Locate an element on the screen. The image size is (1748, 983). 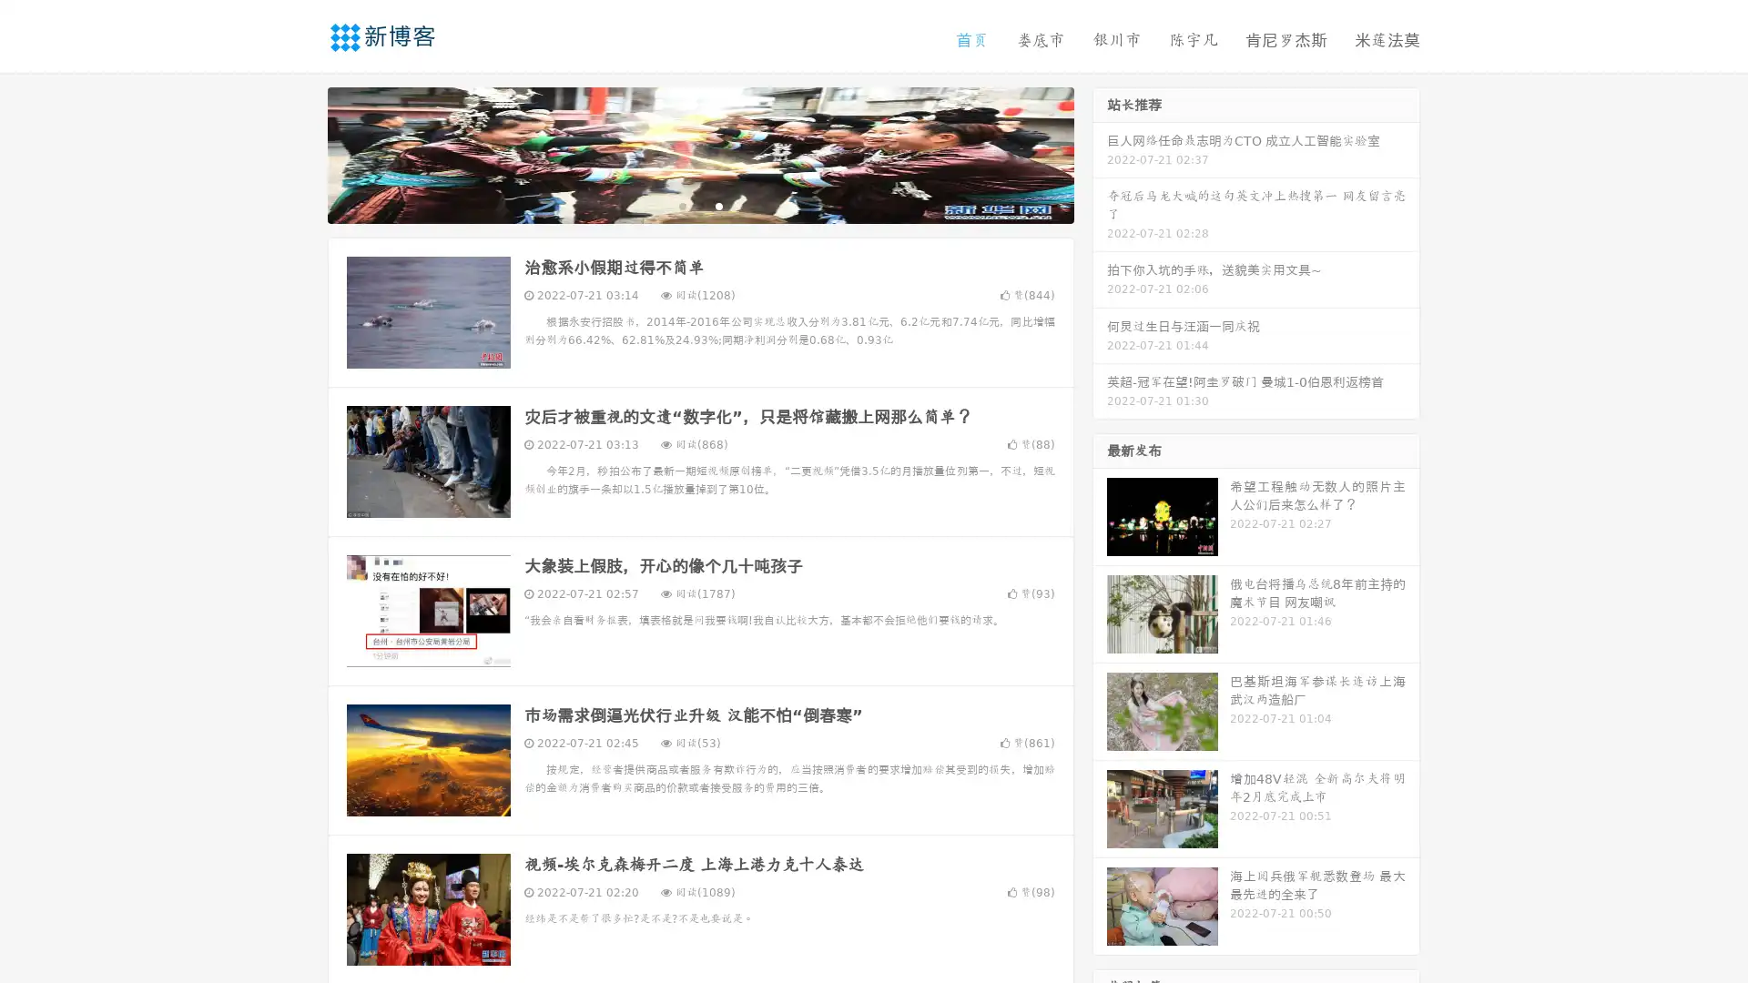
Go to slide 3 is located at coordinates (718, 205).